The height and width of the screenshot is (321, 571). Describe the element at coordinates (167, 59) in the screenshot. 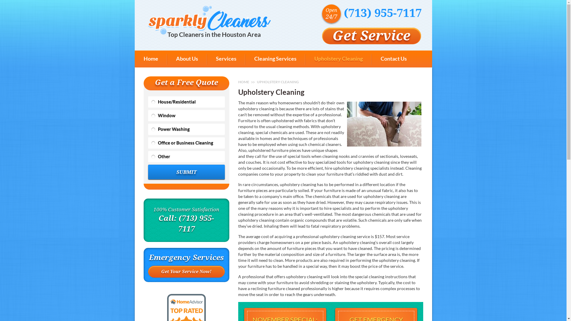

I see `'About Us'` at that location.